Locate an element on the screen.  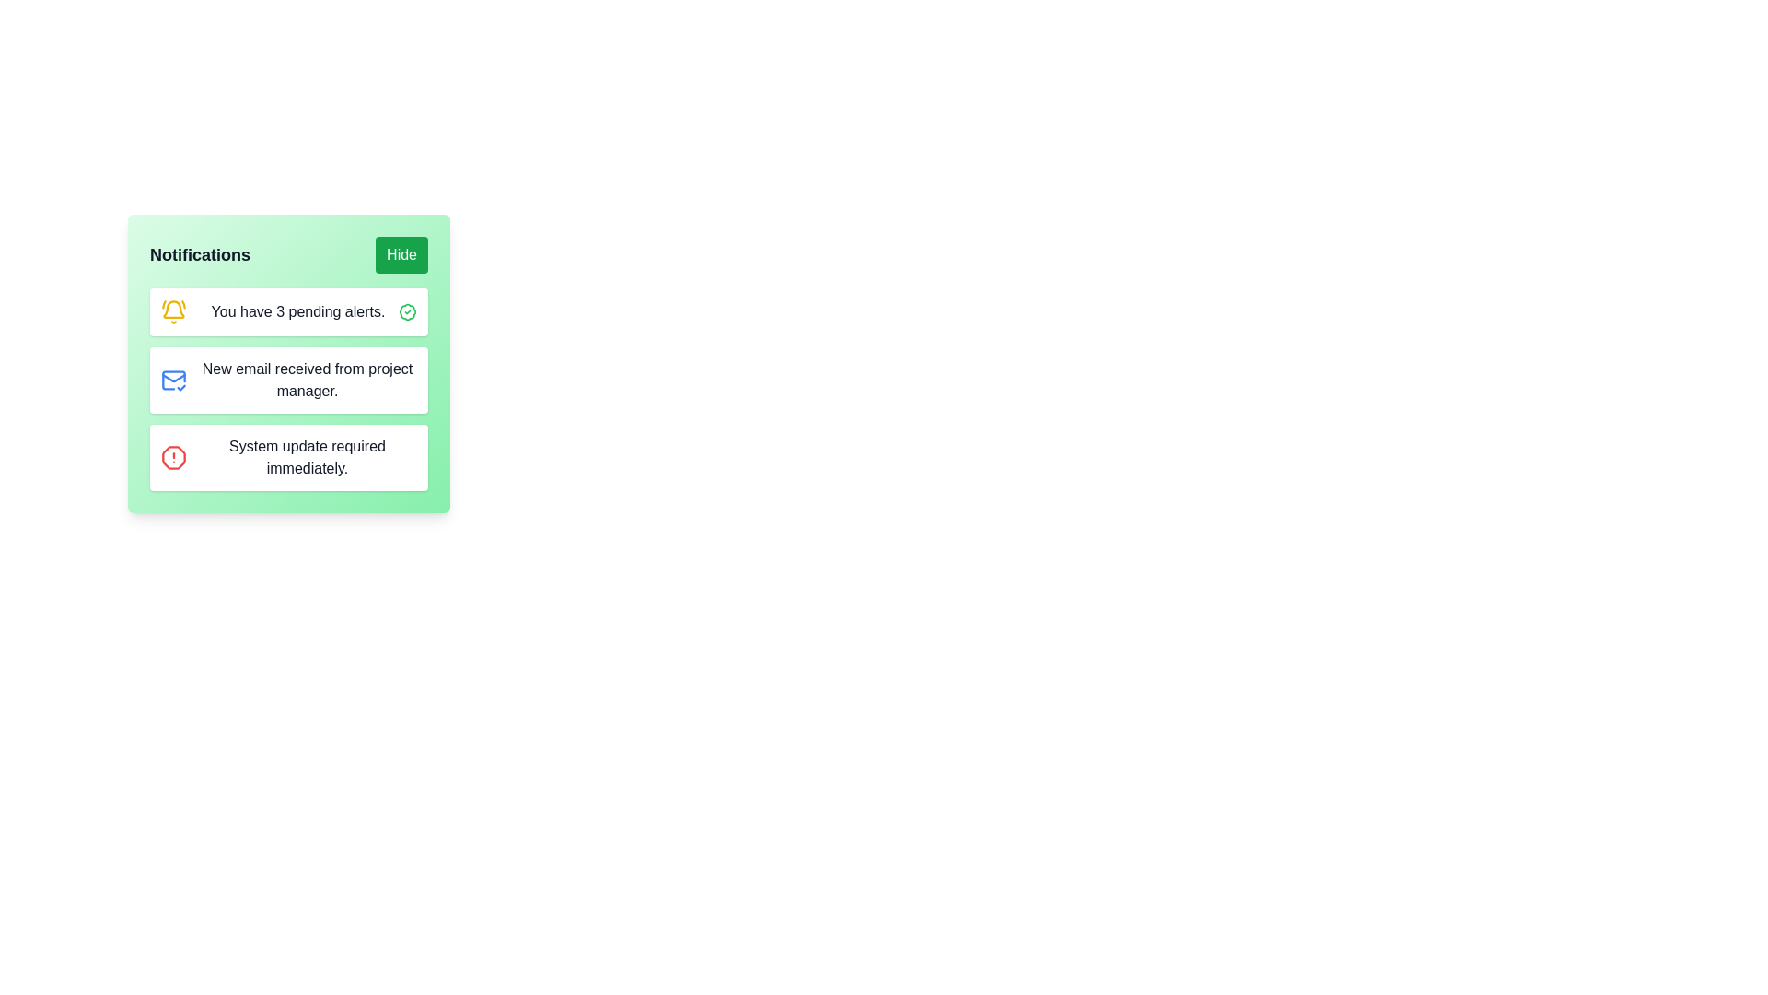
the yellow bell icon representing notifications located to the left of the text 'You have 3 pending alerts.' is located at coordinates (173, 309).